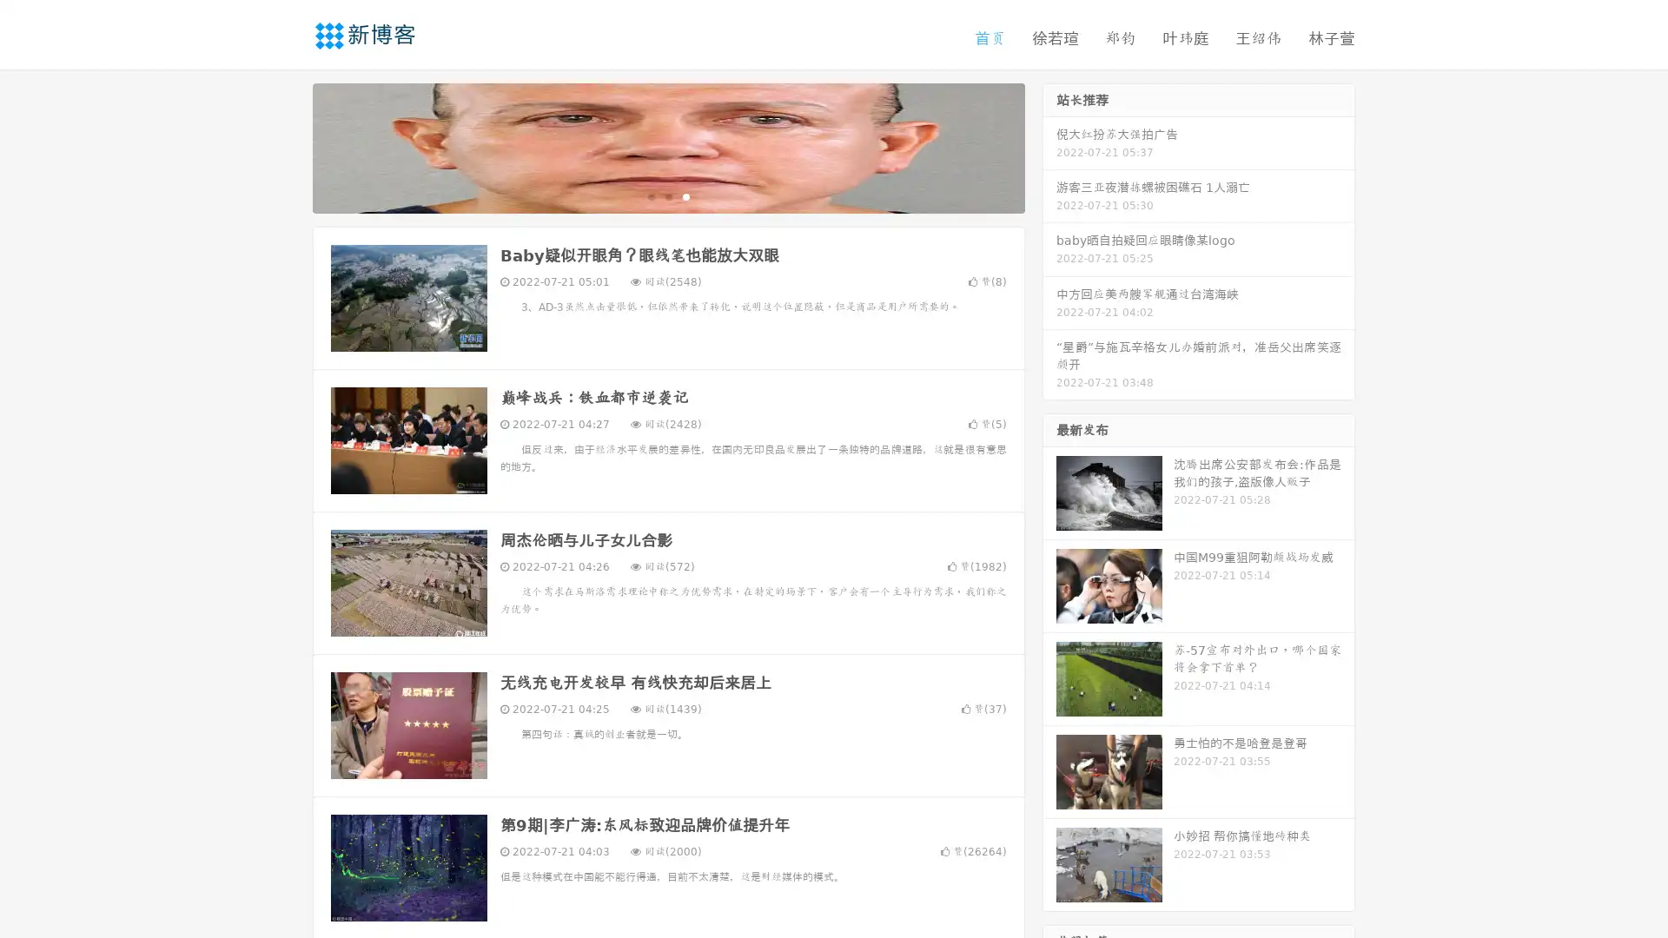  I want to click on Next slide, so click(1049, 146).